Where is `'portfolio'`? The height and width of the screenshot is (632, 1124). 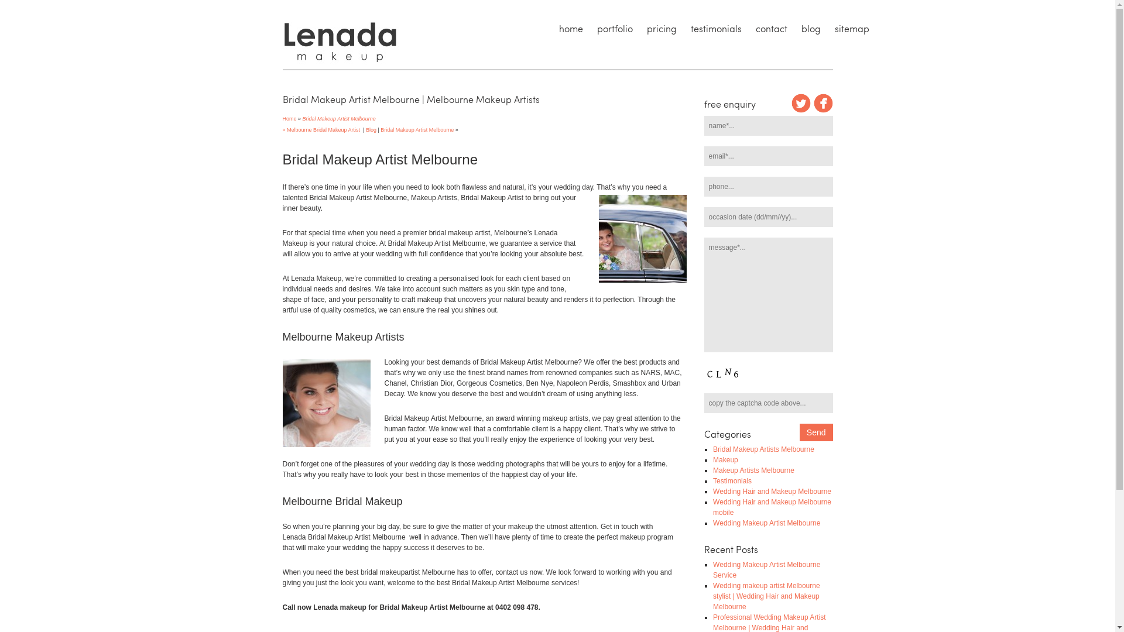
'portfolio' is located at coordinates (614, 28).